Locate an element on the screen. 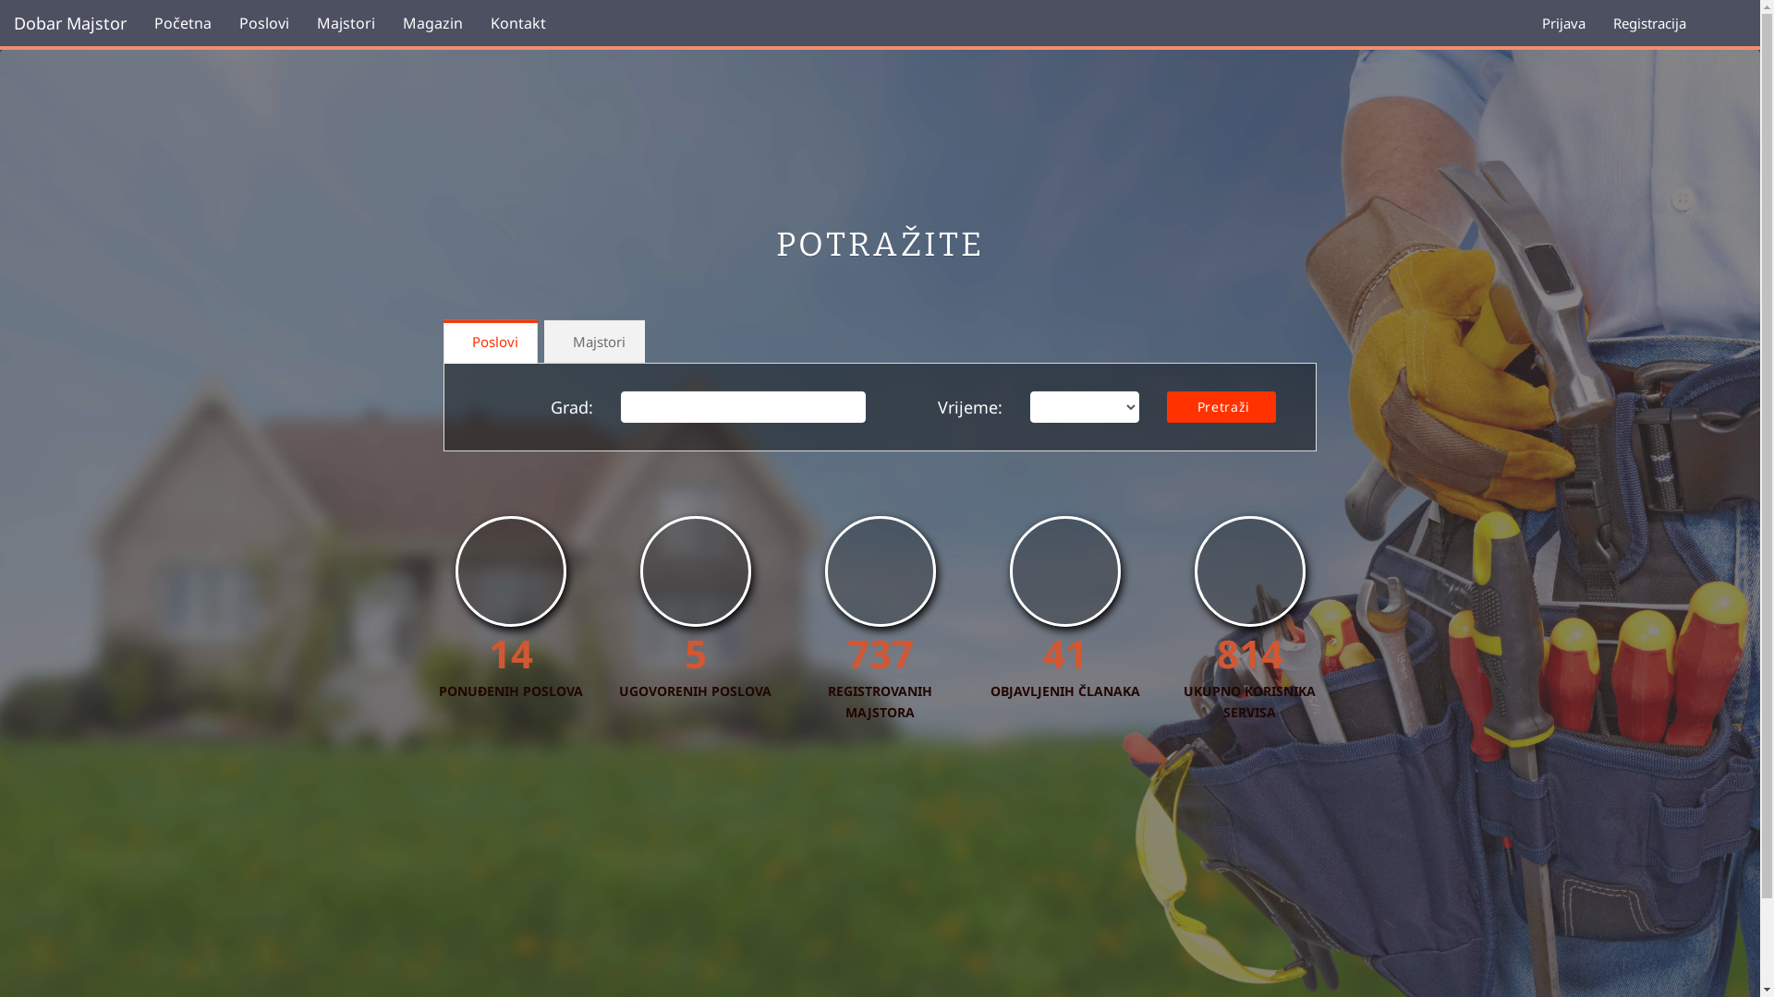 The height and width of the screenshot is (997, 1774). 'Poslovi' is located at coordinates (263, 22).